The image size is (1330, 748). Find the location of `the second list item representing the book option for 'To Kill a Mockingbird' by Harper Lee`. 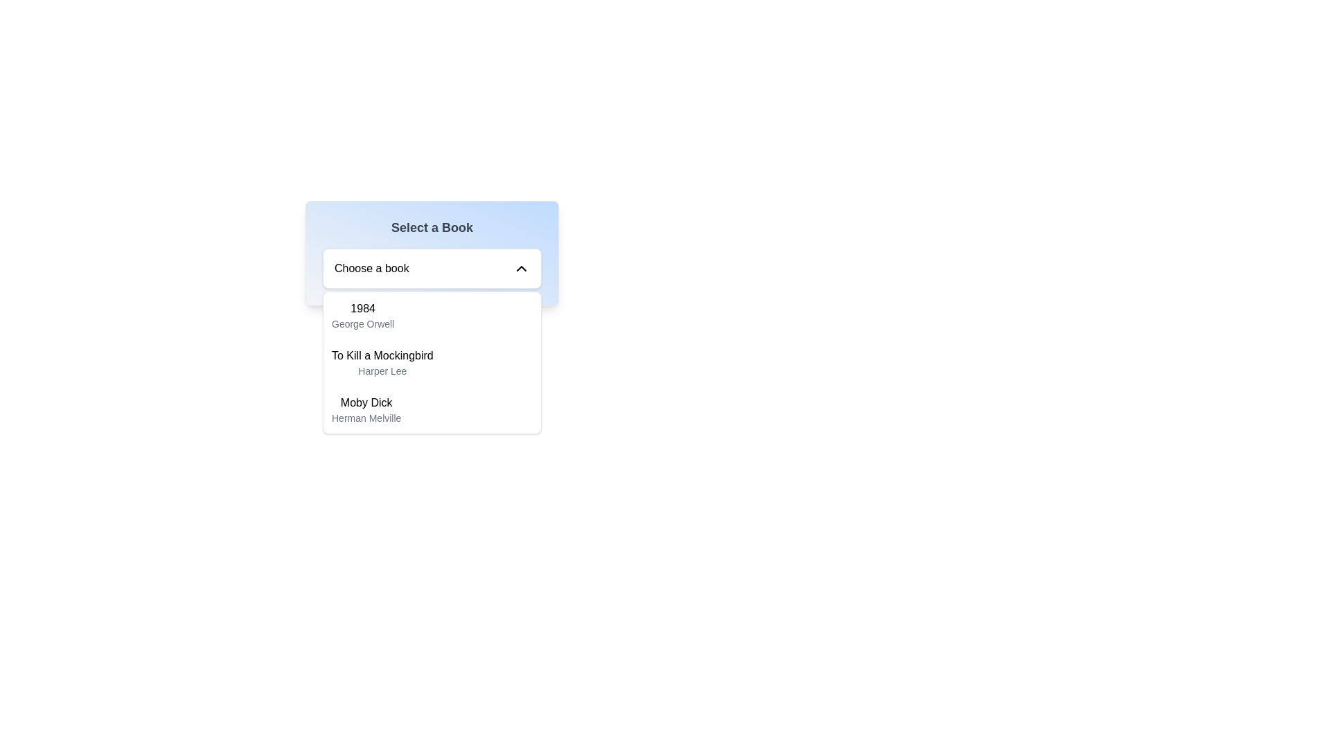

the second list item representing the book option for 'To Kill a Mockingbird' by Harper Lee is located at coordinates (382, 362).